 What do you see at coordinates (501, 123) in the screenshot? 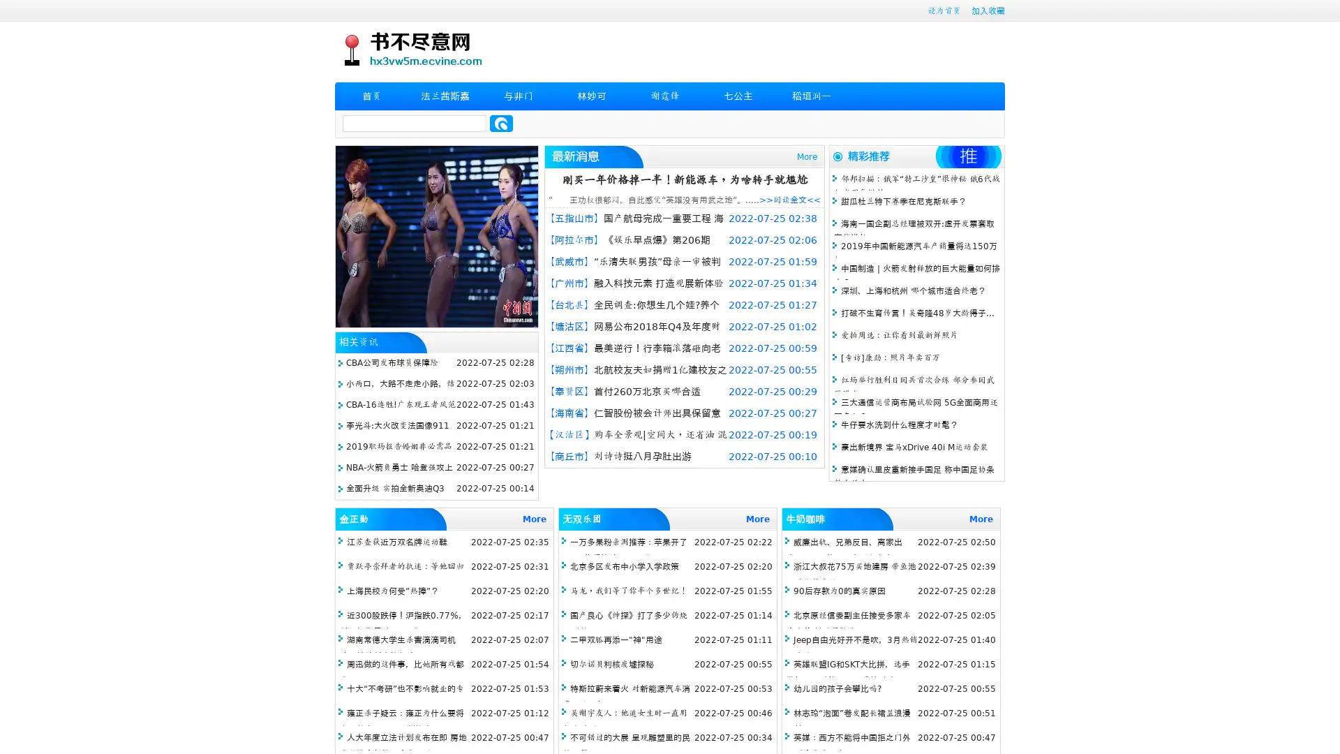
I see `Search` at bounding box center [501, 123].